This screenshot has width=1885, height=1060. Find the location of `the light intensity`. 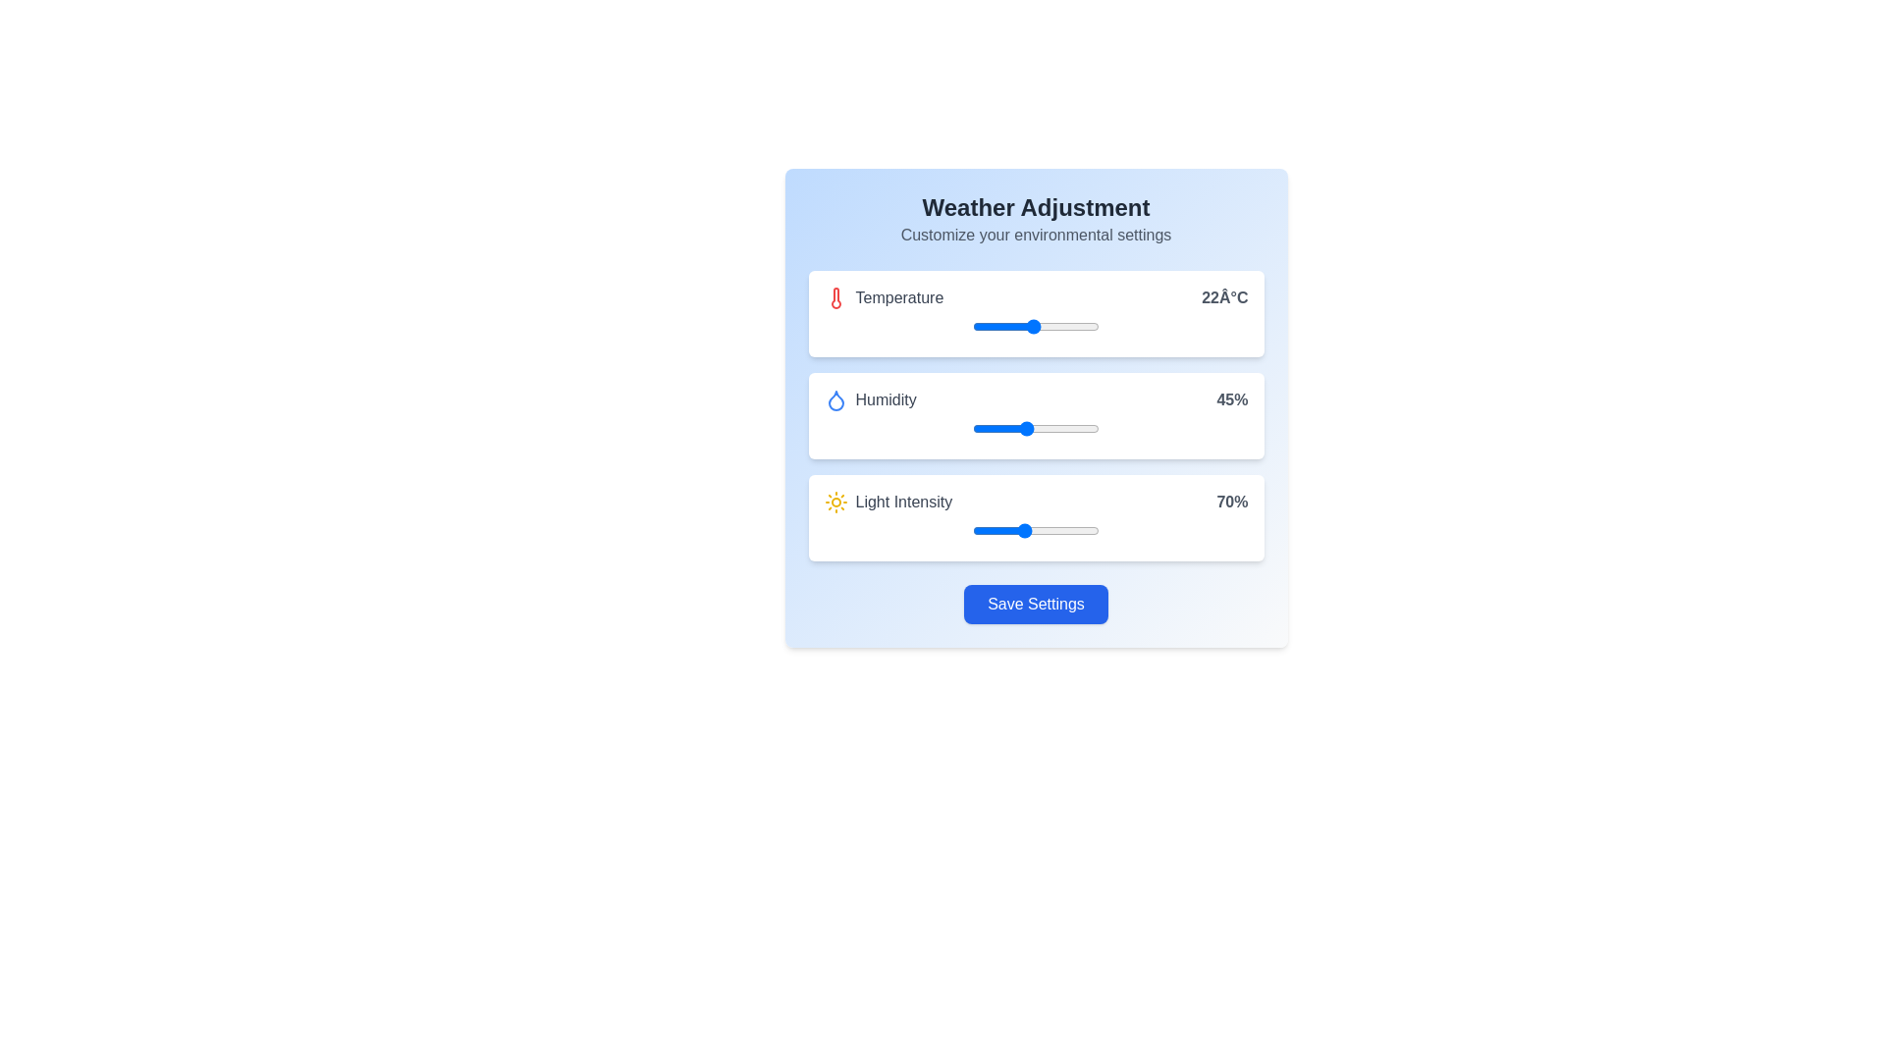

the light intensity is located at coordinates (1050, 530).